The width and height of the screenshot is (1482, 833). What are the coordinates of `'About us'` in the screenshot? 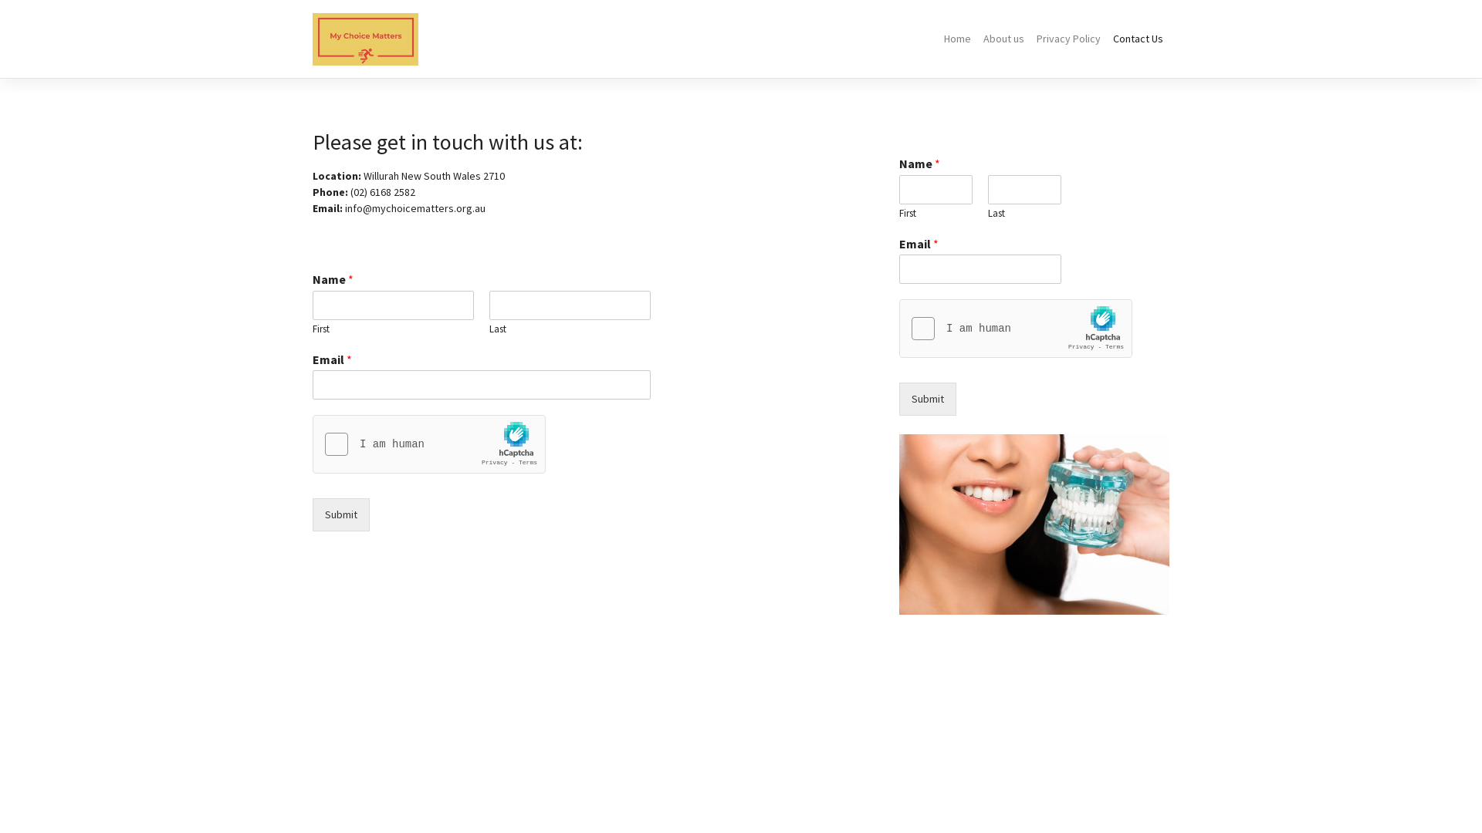 It's located at (976, 38).